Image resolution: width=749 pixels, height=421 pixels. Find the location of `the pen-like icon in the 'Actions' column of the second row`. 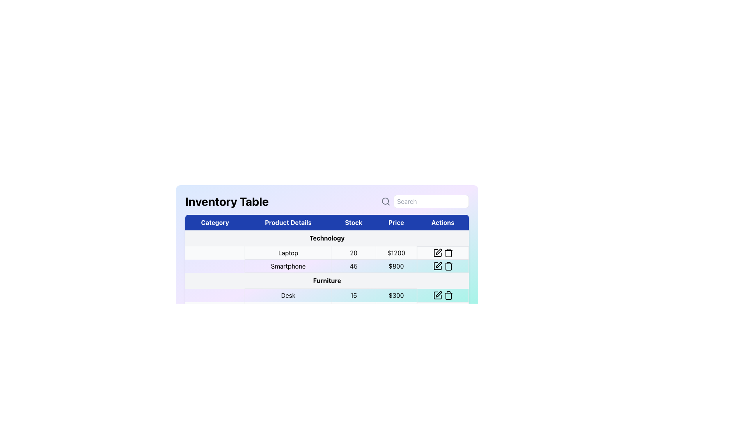

the pen-like icon in the 'Actions' column of the second row is located at coordinates (438, 251).